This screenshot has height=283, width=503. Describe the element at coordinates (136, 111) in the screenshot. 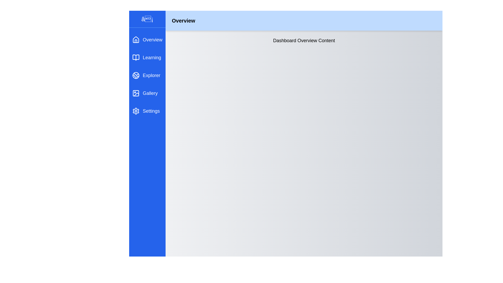

I see `the 'Settings' menu item by clicking on the icon located at the left of the text label 'Settings' to access its functionalities` at that location.